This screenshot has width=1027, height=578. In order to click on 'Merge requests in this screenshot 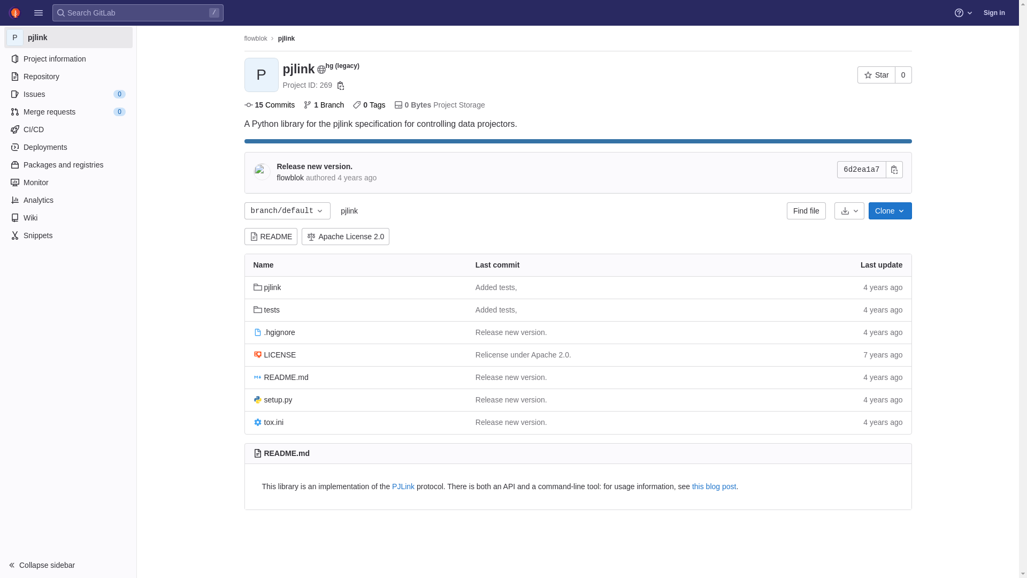, I will do `click(67, 111)`.